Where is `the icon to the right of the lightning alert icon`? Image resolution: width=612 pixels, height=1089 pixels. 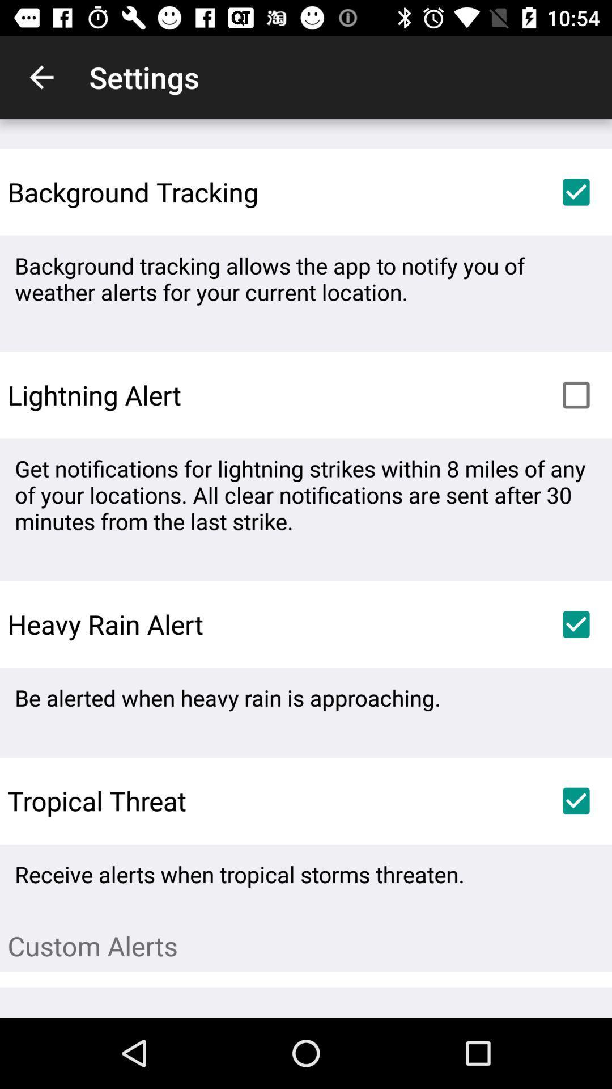 the icon to the right of the lightning alert icon is located at coordinates (576, 395).